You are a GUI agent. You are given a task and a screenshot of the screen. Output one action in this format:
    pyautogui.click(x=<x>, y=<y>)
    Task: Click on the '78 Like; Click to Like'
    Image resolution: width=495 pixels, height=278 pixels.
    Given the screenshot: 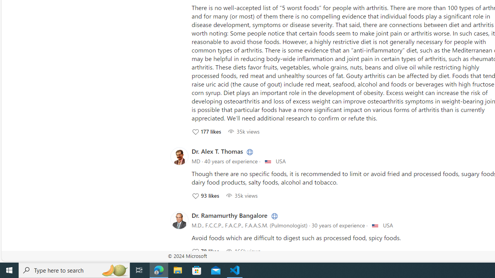 What is the action you would take?
    pyautogui.click(x=205, y=251)
    